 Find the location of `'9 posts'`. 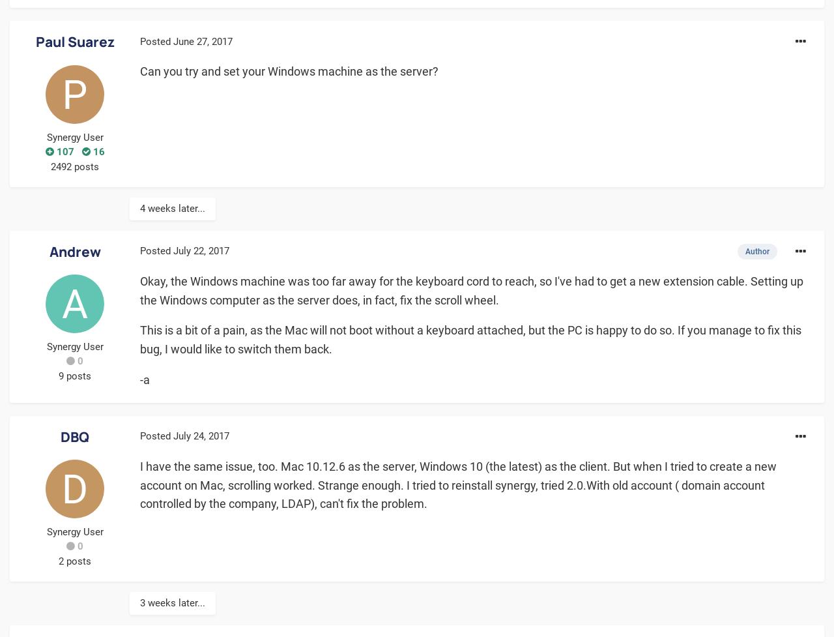

'9 posts' is located at coordinates (74, 375).